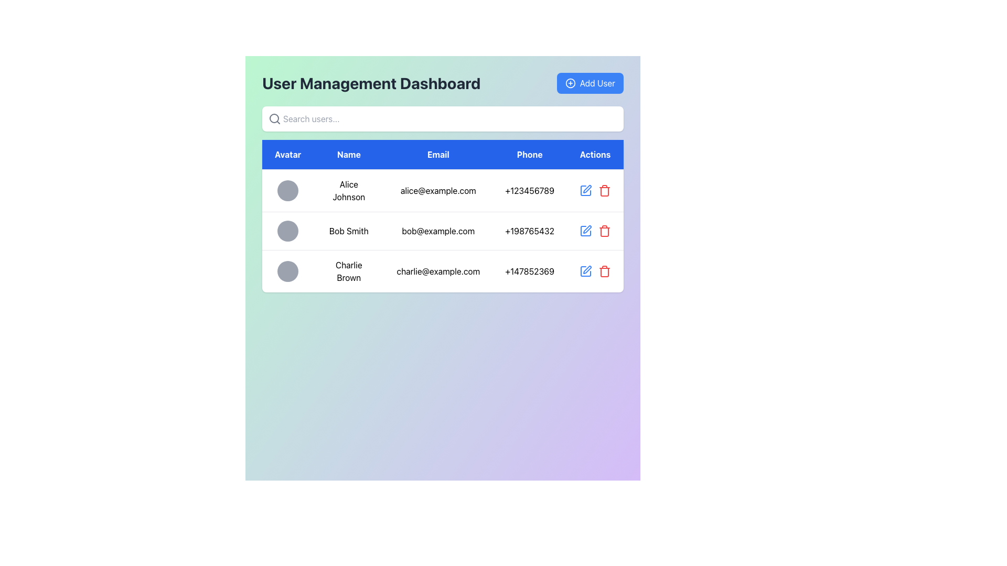  I want to click on the visual content of the avatar placeholder located in the first row of the 'Avatar' column in the user data table, so click(288, 190).